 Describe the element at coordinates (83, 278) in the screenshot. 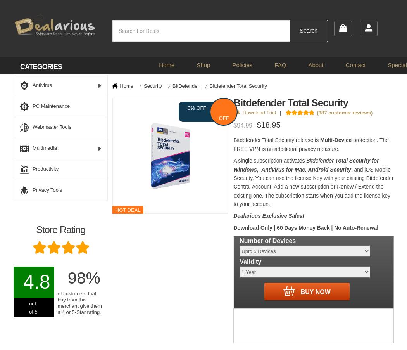

I see `'98%'` at that location.